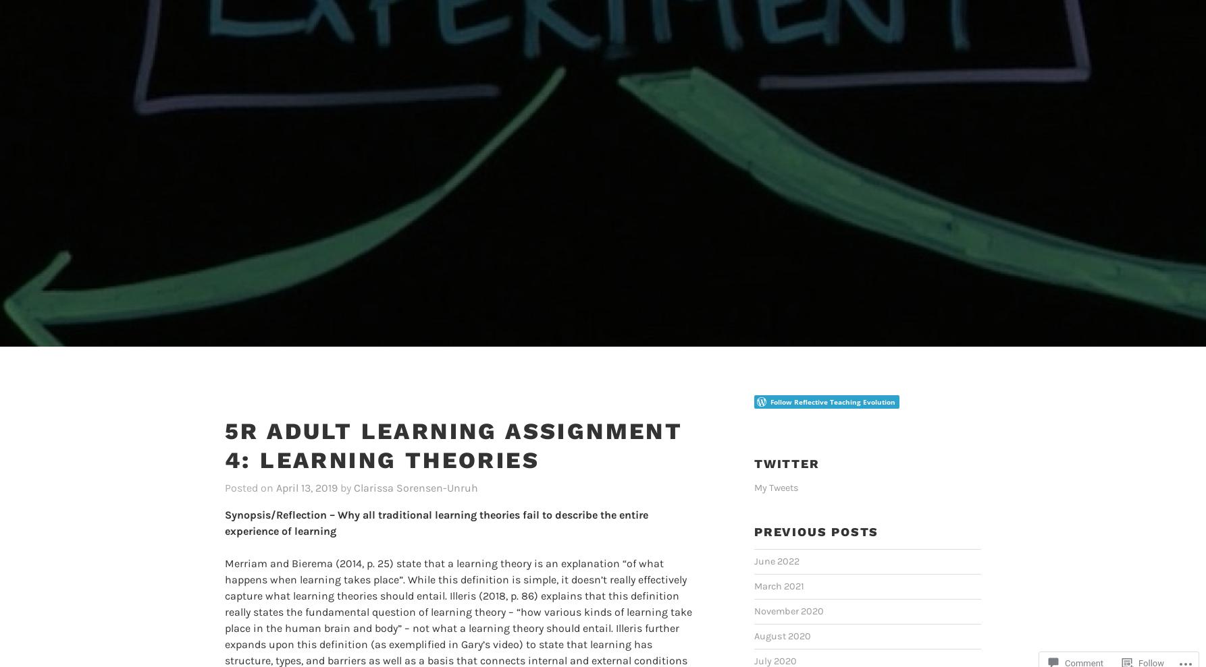  Describe the element at coordinates (415, 465) in the screenshot. I see `'Clarissa Sorensen-Unruh'` at that location.